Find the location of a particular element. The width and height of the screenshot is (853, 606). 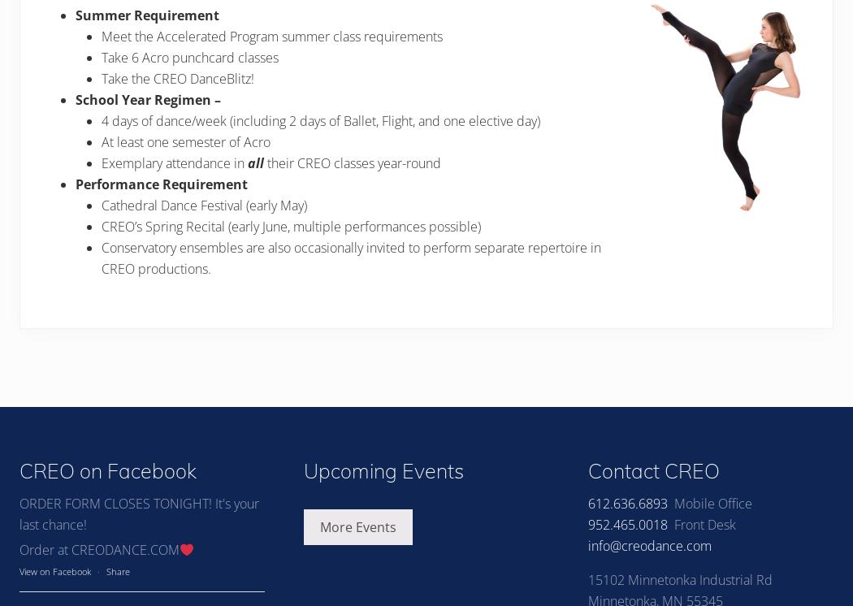

'Take the CREO DanceBlitz!' is located at coordinates (177, 78).